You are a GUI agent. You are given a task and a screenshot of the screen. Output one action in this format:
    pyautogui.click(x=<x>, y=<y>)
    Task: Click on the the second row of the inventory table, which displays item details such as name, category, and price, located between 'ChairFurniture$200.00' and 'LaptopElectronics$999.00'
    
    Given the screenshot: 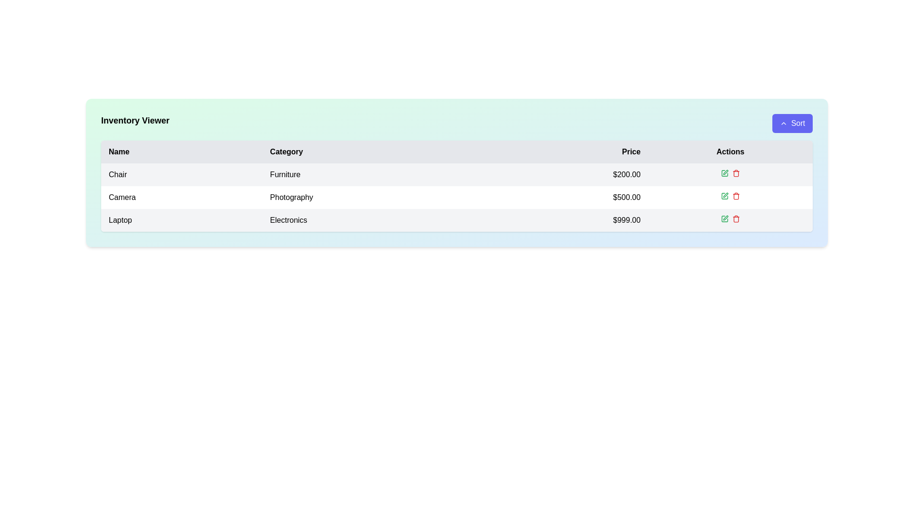 What is the action you would take?
    pyautogui.click(x=456, y=197)
    